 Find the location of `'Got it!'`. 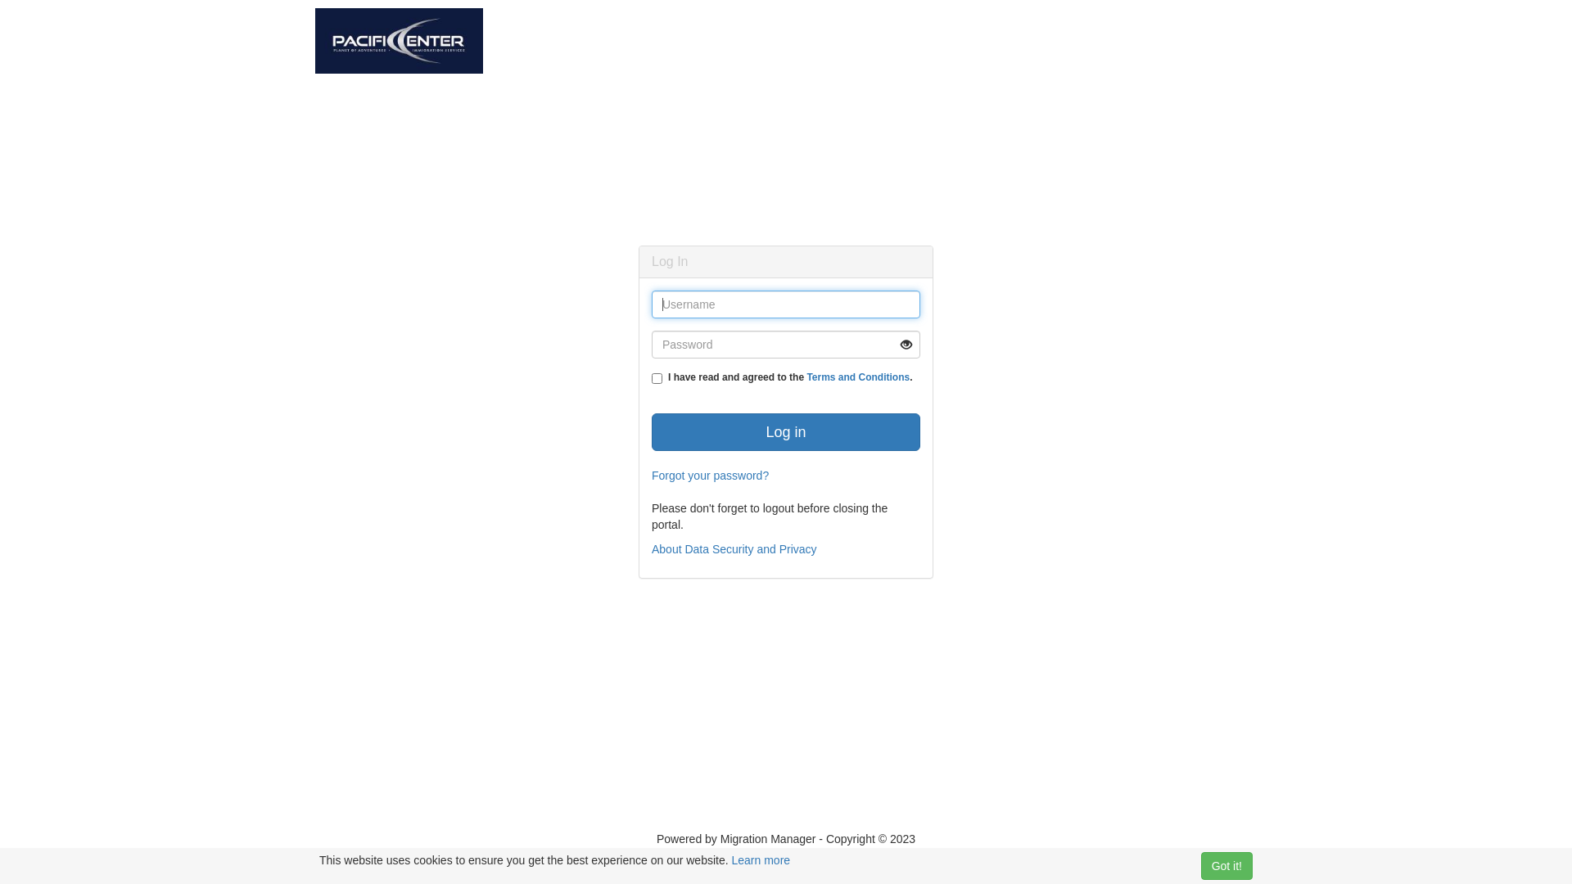

'Got it!' is located at coordinates (1226, 864).